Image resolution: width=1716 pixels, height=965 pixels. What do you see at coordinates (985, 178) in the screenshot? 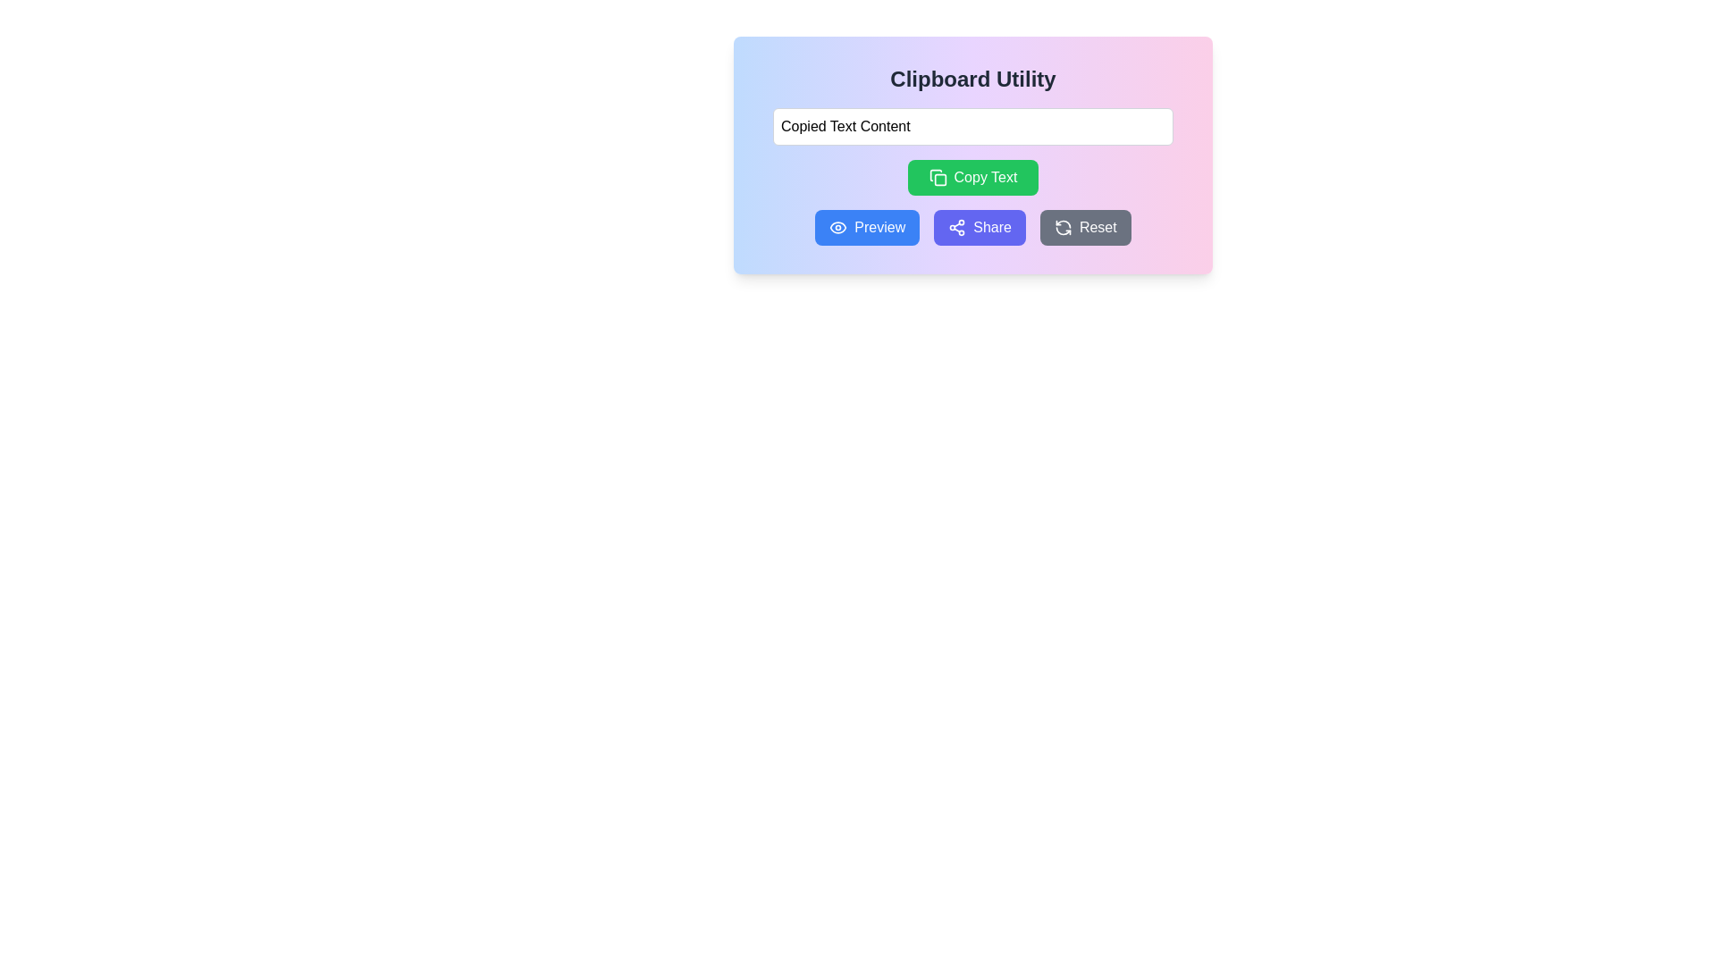
I see `the Text label within the green 'Copy Text' button, which clarifies its purpose for copying text to the clipboard` at bounding box center [985, 178].